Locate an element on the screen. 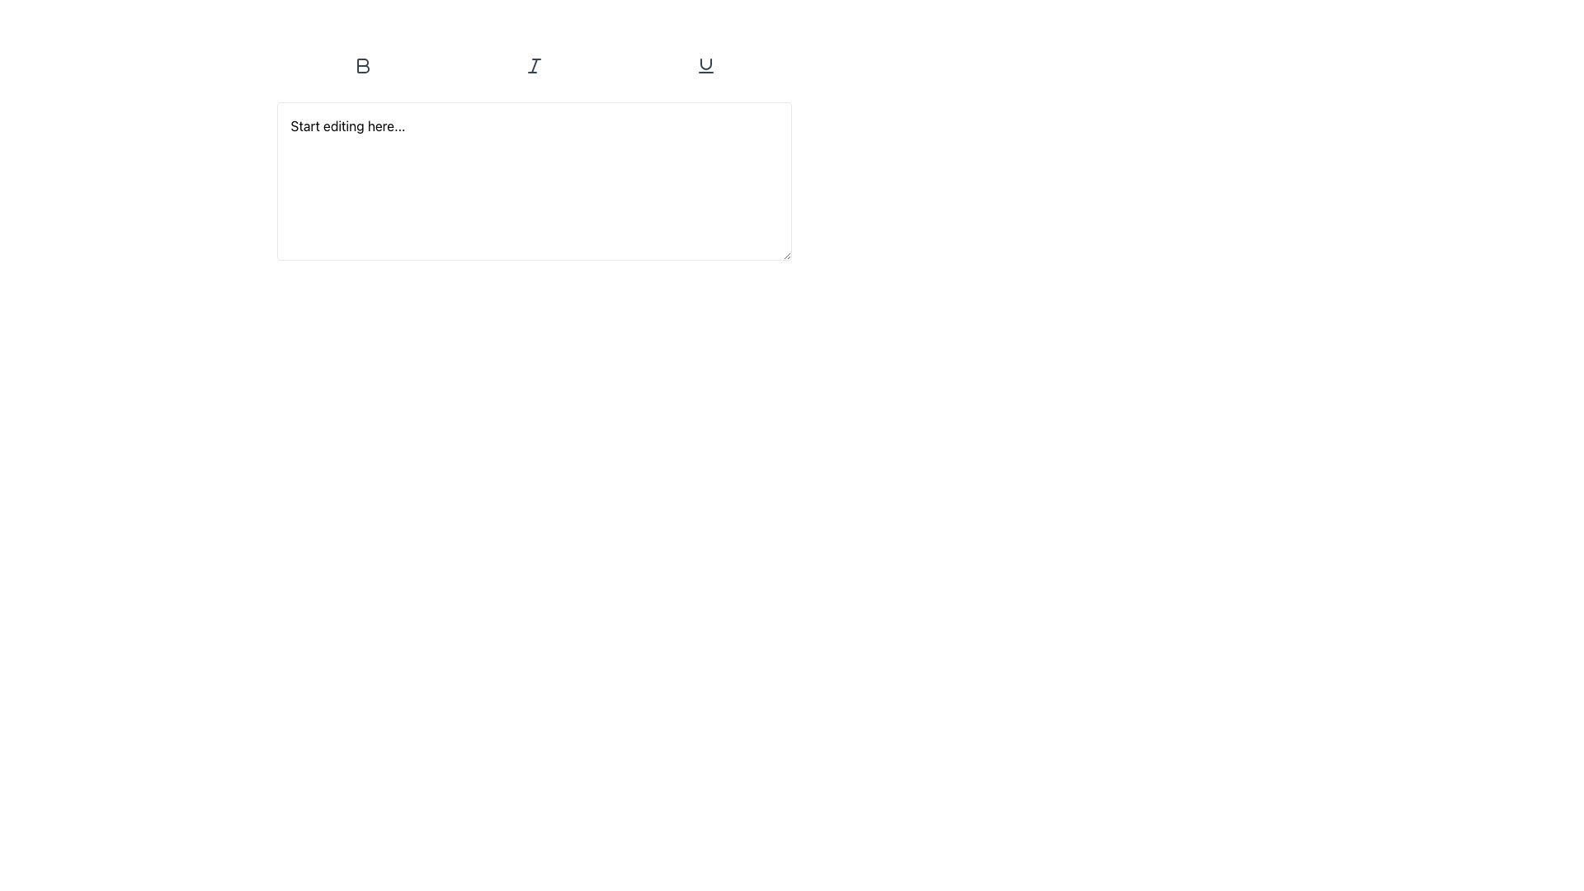 This screenshot has width=1584, height=891. the bold button in the formatting toolbar is located at coordinates (361, 65).